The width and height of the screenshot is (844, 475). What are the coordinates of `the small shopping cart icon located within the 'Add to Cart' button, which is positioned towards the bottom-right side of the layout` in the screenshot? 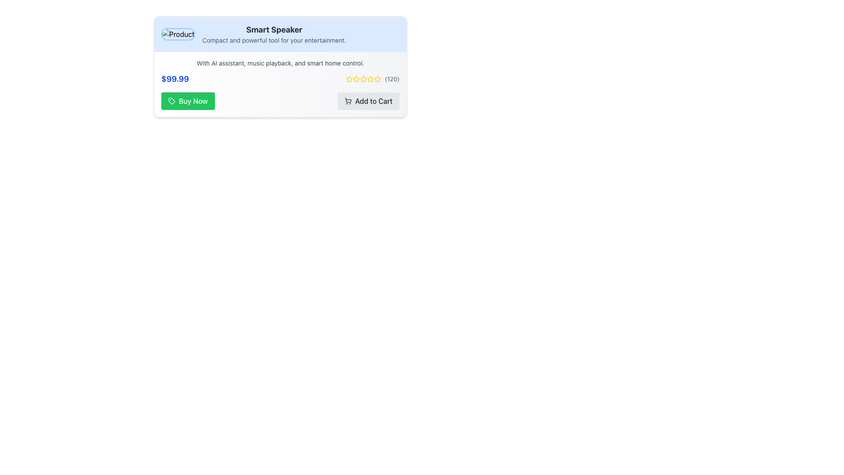 It's located at (348, 101).